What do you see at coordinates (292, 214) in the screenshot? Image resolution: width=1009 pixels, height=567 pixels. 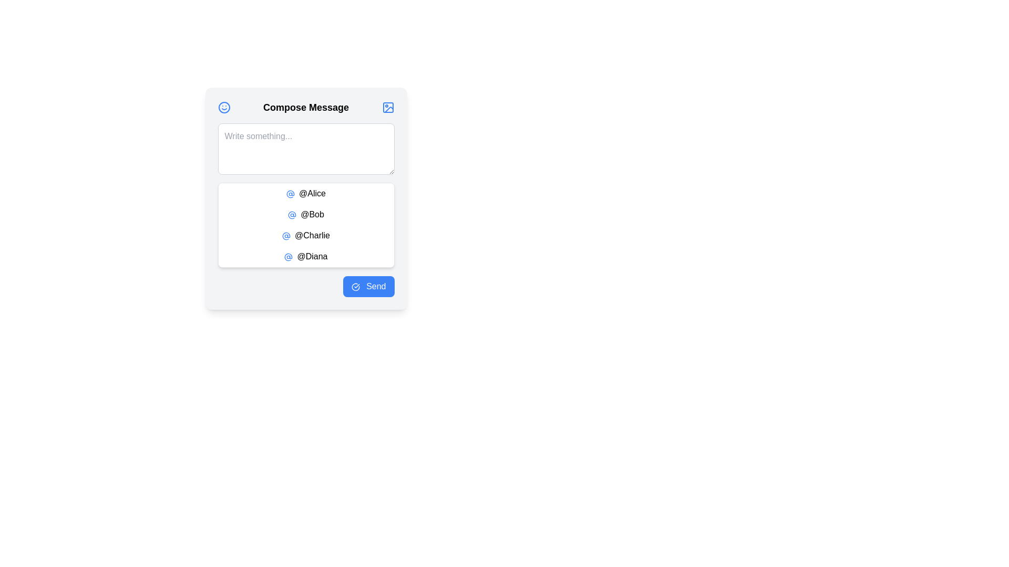 I see `the circular blue '@' icon located to the left of the text '@Bob' in the second suggestion item of the dropdown list` at bounding box center [292, 214].